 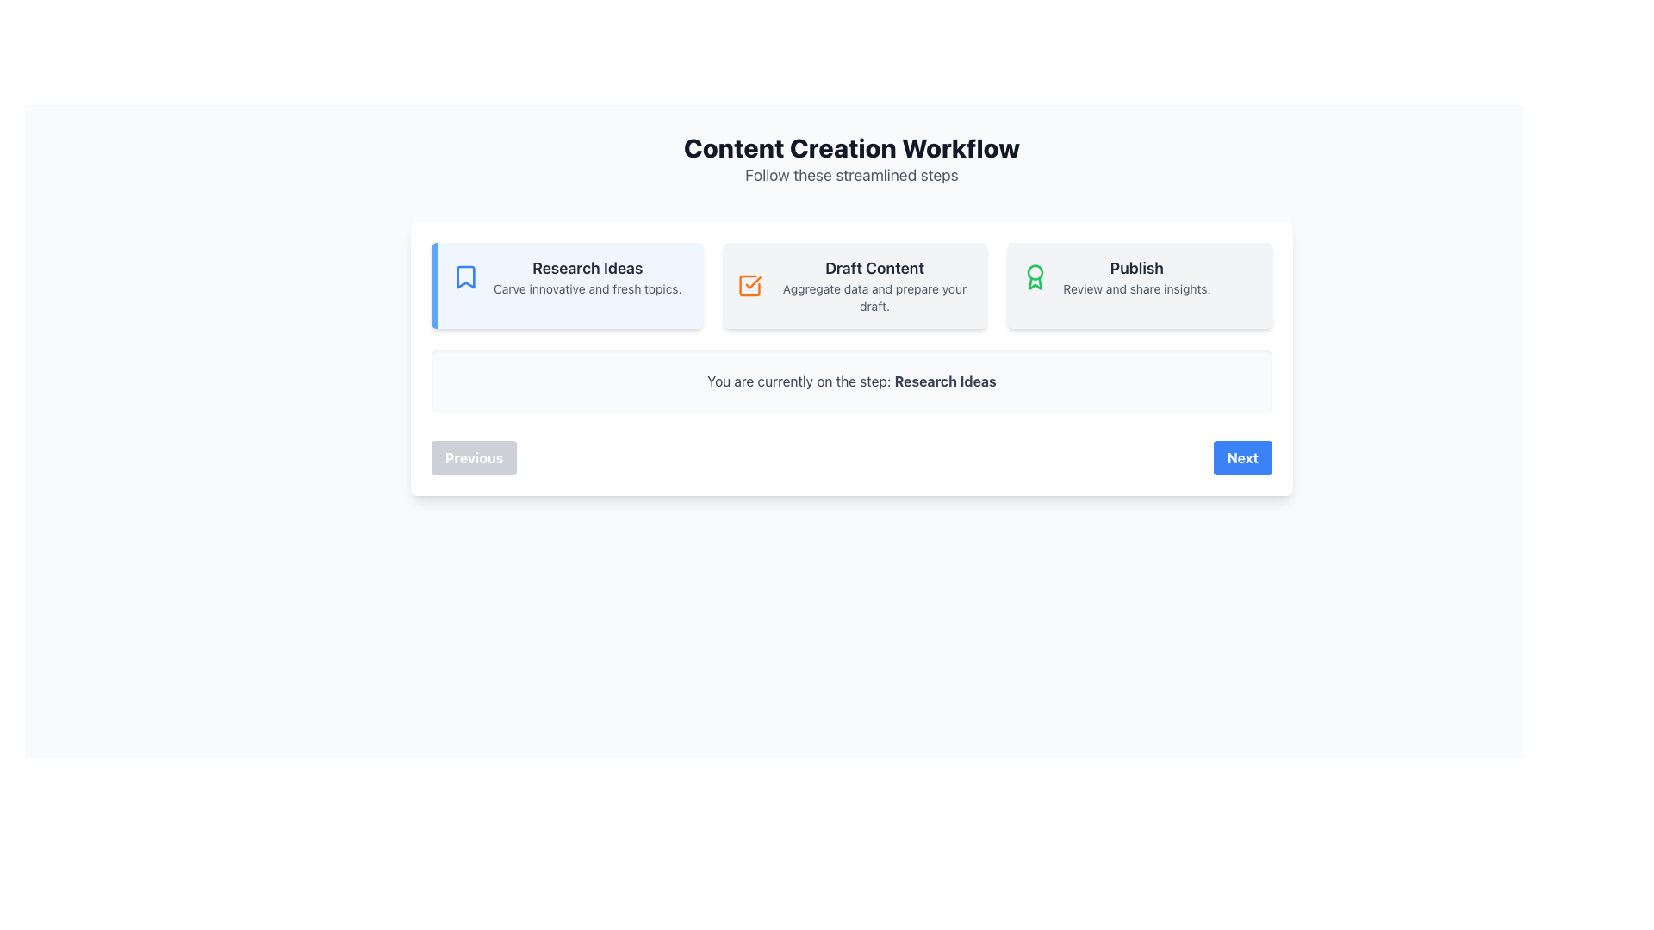 What do you see at coordinates (570, 276) in the screenshot?
I see `the Information Panel that describes the 'Research Ideas' step in the workflow process, which is the leftmost item in a horizontal list of similar blocks` at bounding box center [570, 276].